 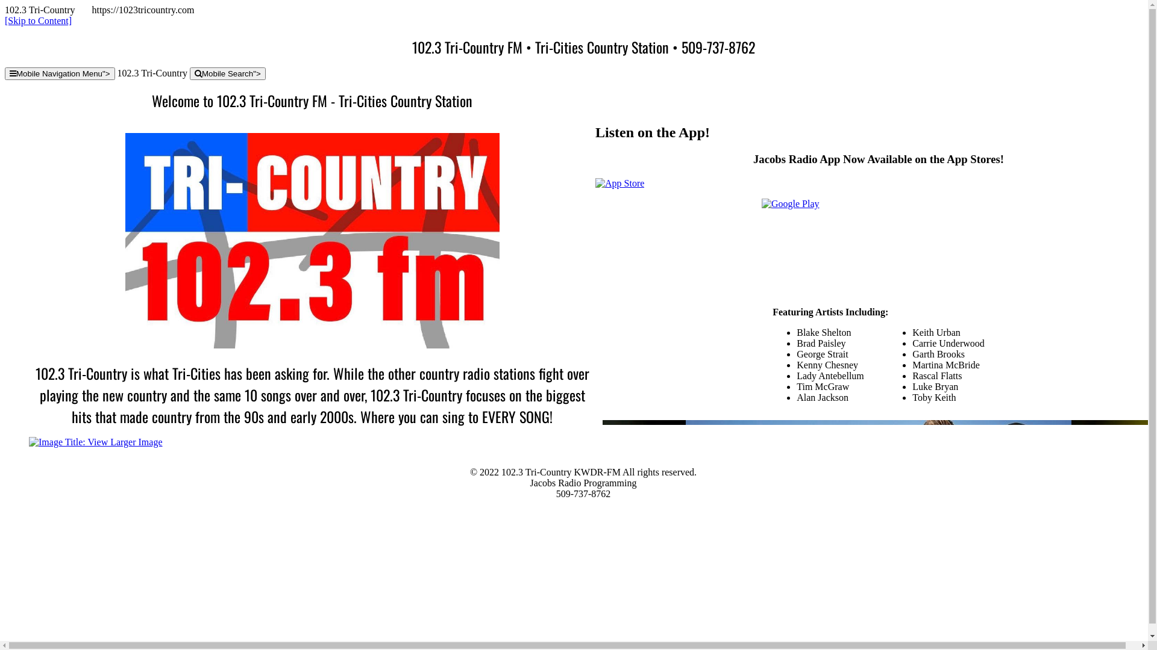 I want to click on 'App Store', so click(x=619, y=183).